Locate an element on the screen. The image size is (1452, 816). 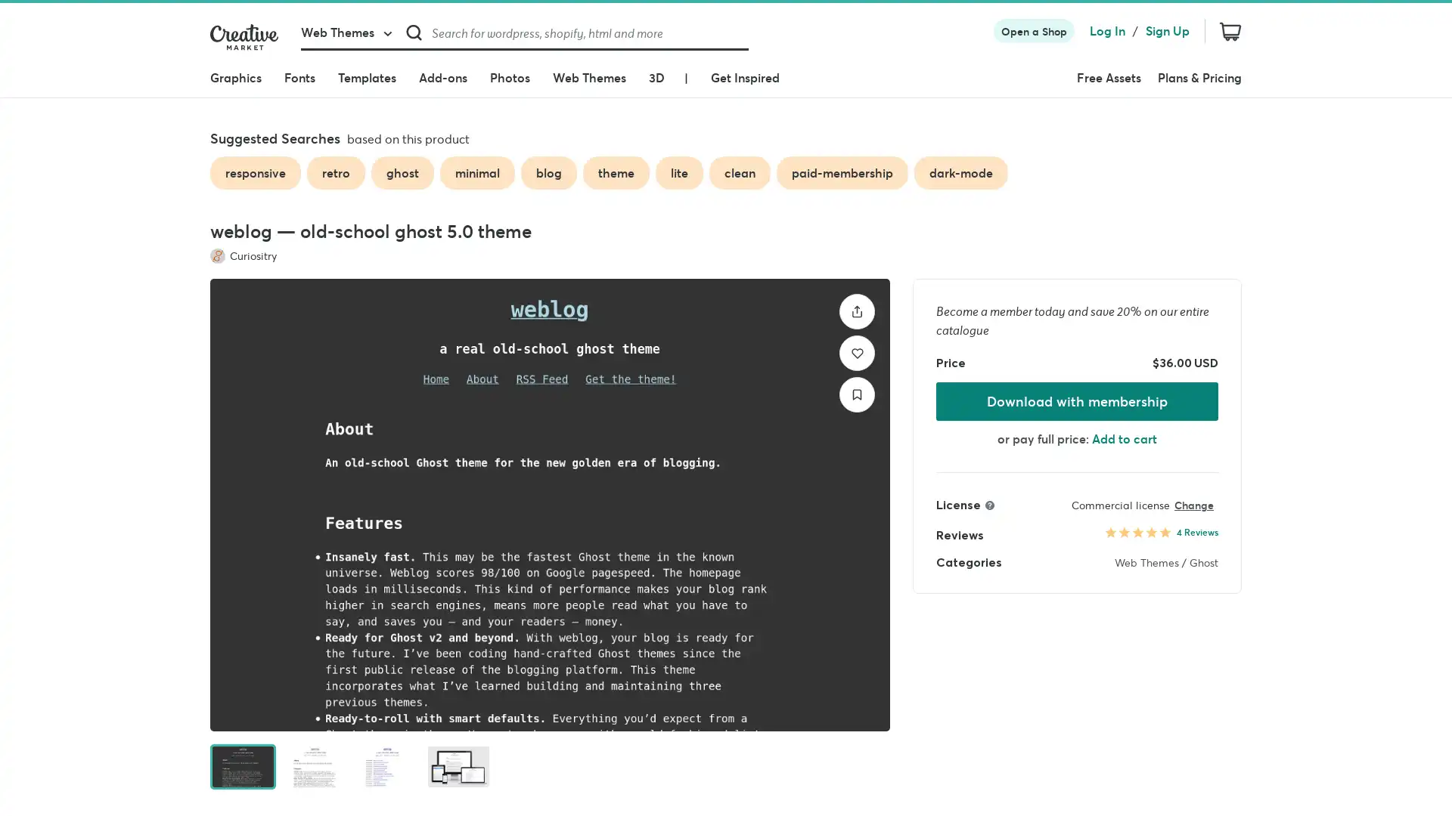
Add to cart is located at coordinates (1125, 437).